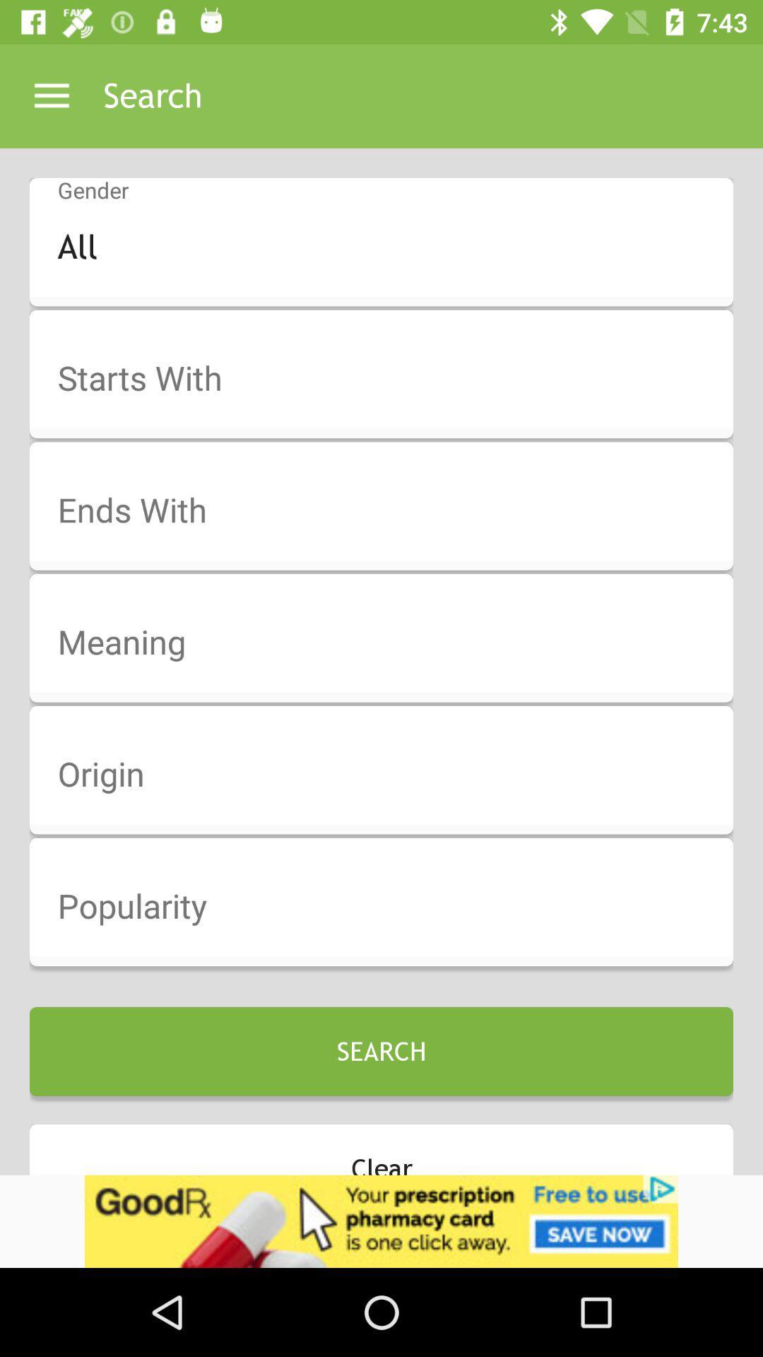  What do you see at coordinates (391, 510) in the screenshot?
I see `switch autoplay option` at bounding box center [391, 510].